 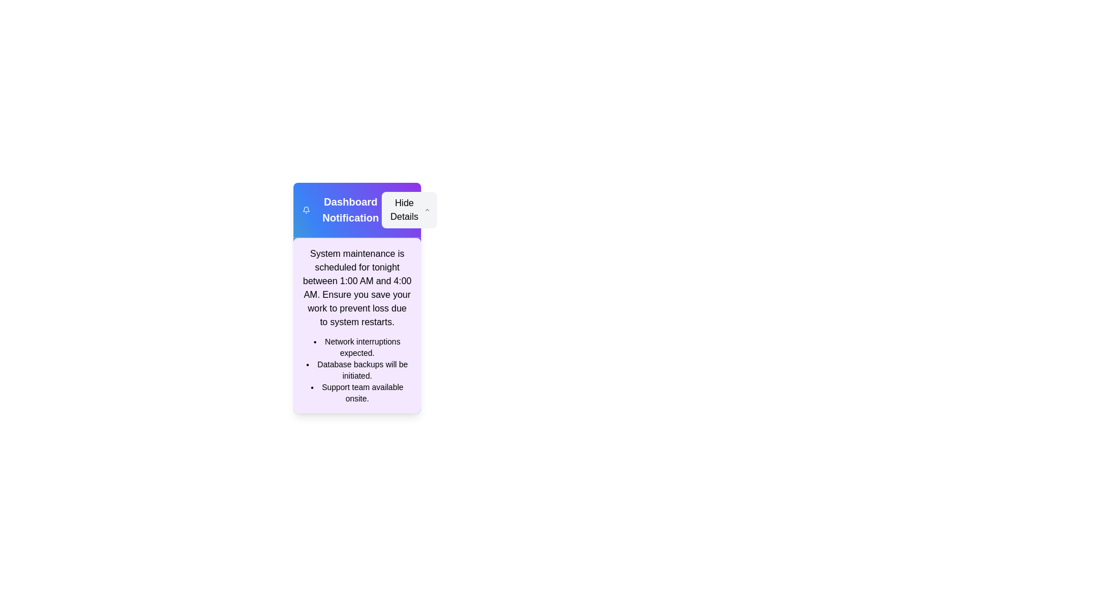 What do you see at coordinates (409, 210) in the screenshot?
I see `the 'Hide Details' button to toggle the visibility of the details section` at bounding box center [409, 210].